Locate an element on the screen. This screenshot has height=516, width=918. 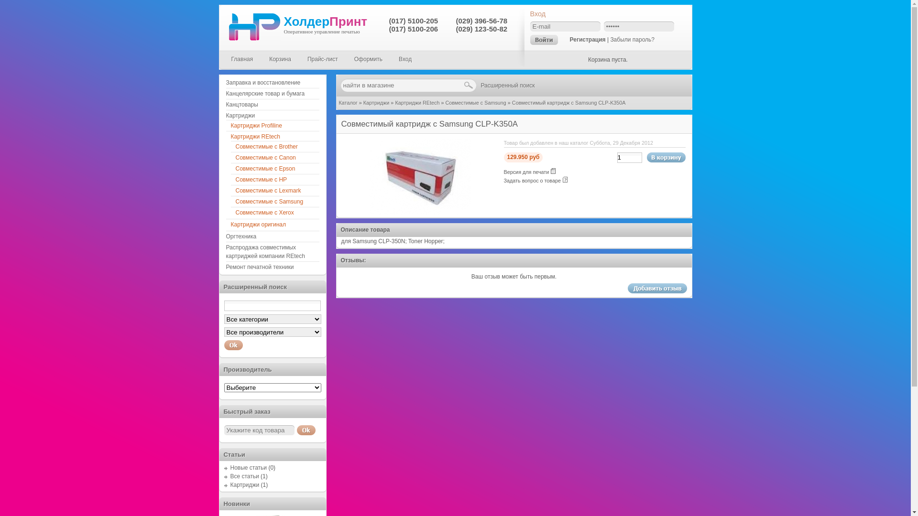
'******' is located at coordinates (638, 26).